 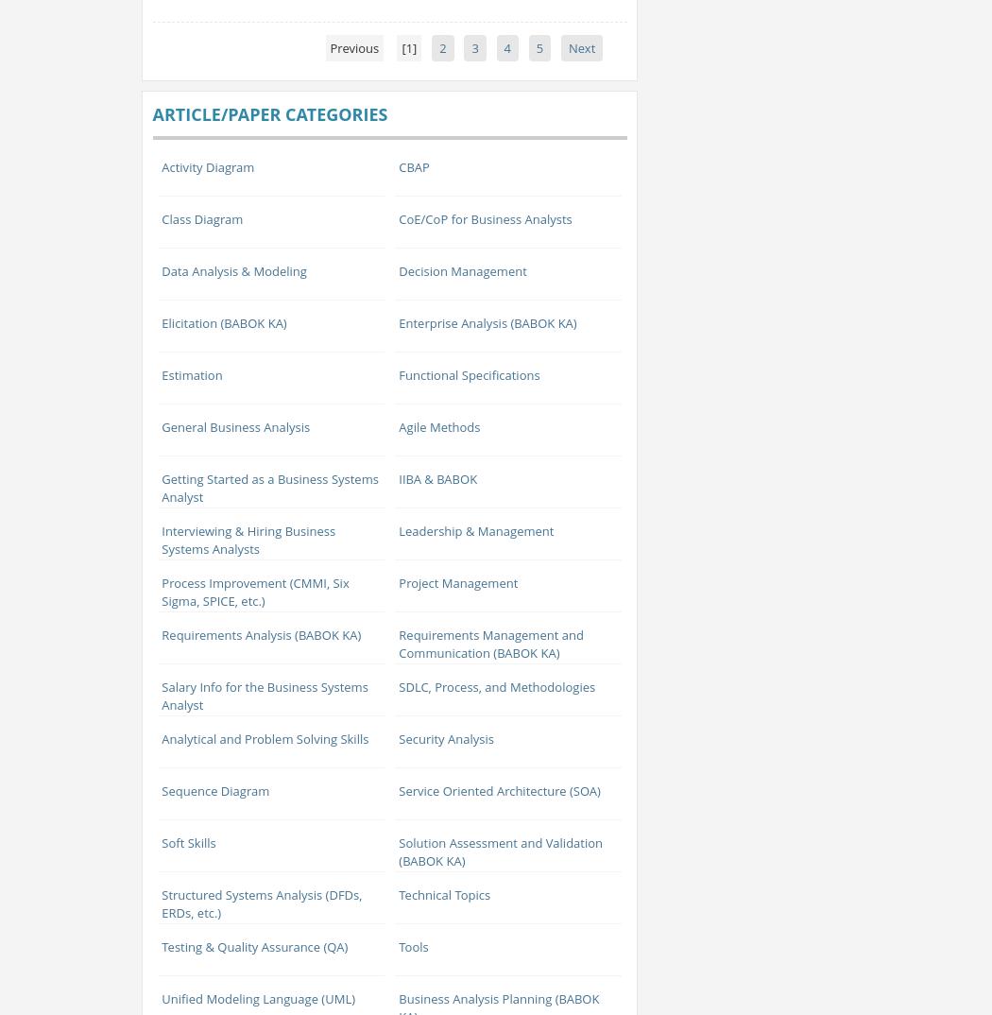 What do you see at coordinates (397, 424) in the screenshot?
I see `'Agile Methods'` at bounding box center [397, 424].